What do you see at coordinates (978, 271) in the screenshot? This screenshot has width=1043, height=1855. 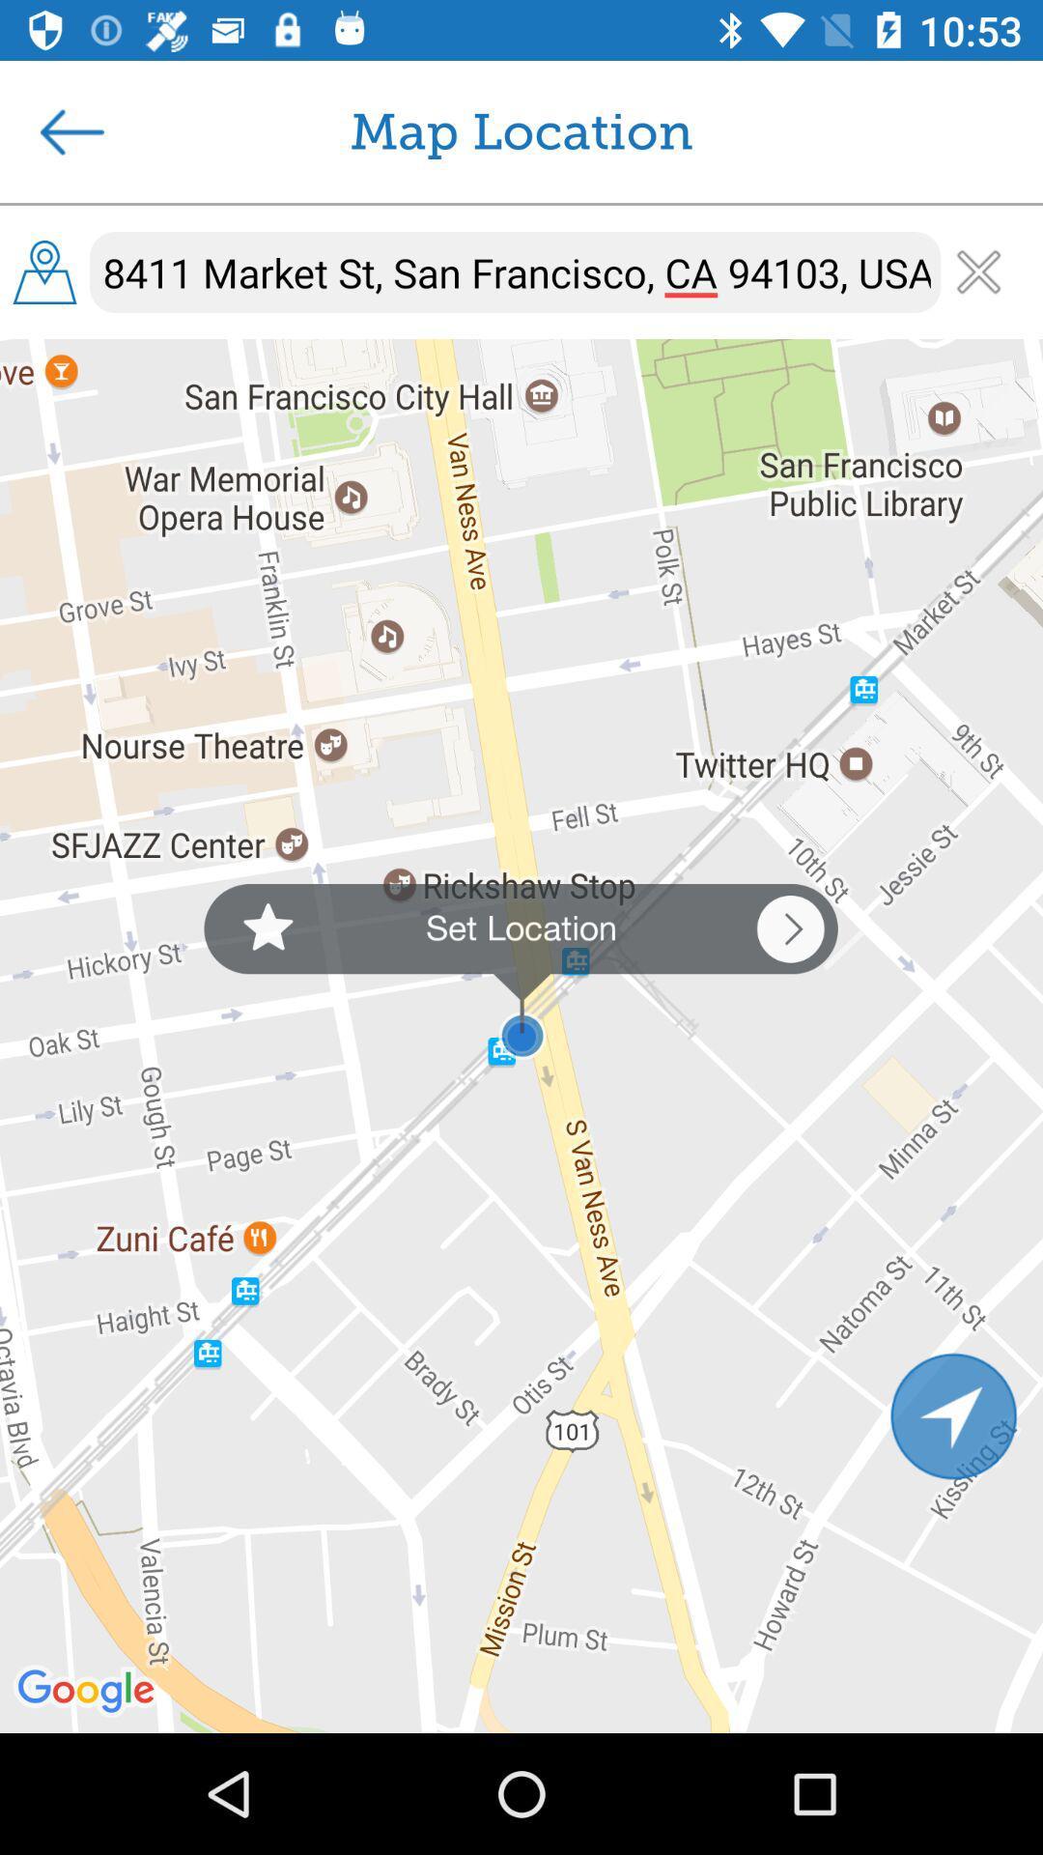 I see `the close icon` at bounding box center [978, 271].